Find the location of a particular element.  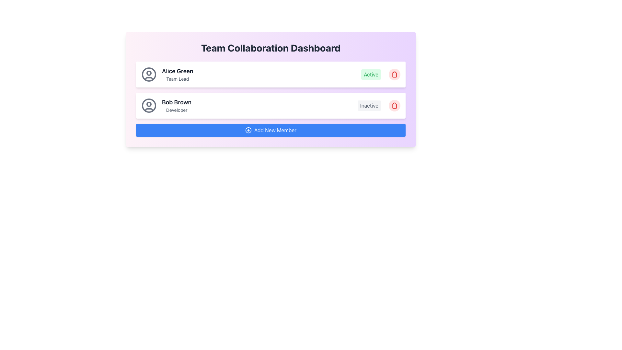

the user profile icon for 'Bob Brown' located within the 'Bob Brown Developer' card by clicking on it is located at coordinates (149, 105).